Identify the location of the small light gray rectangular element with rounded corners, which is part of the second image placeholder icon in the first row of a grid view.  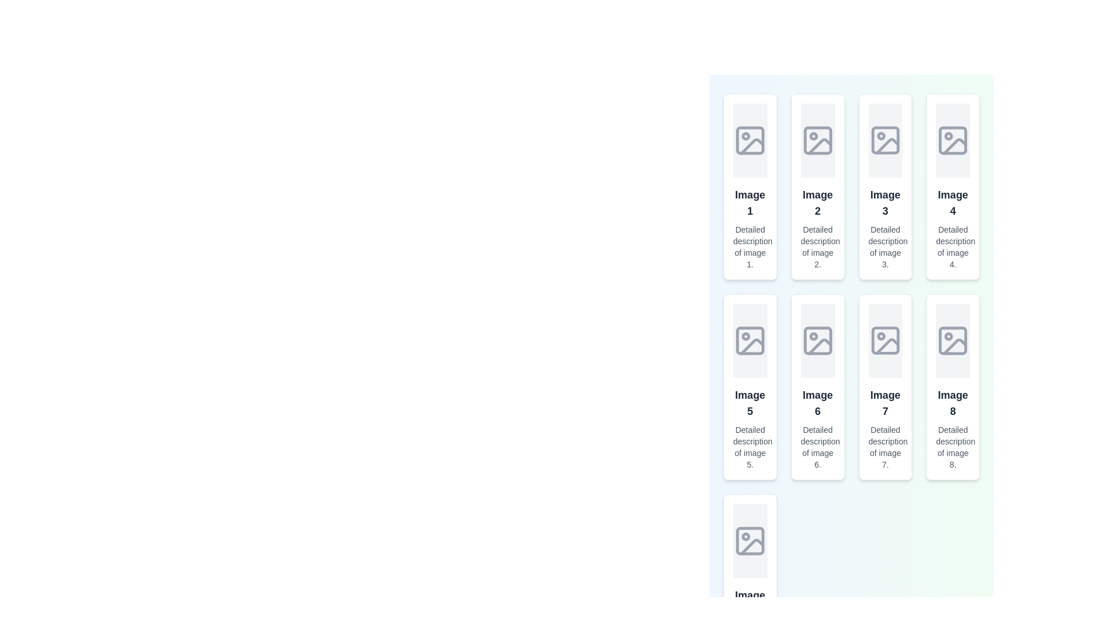
(817, 140).